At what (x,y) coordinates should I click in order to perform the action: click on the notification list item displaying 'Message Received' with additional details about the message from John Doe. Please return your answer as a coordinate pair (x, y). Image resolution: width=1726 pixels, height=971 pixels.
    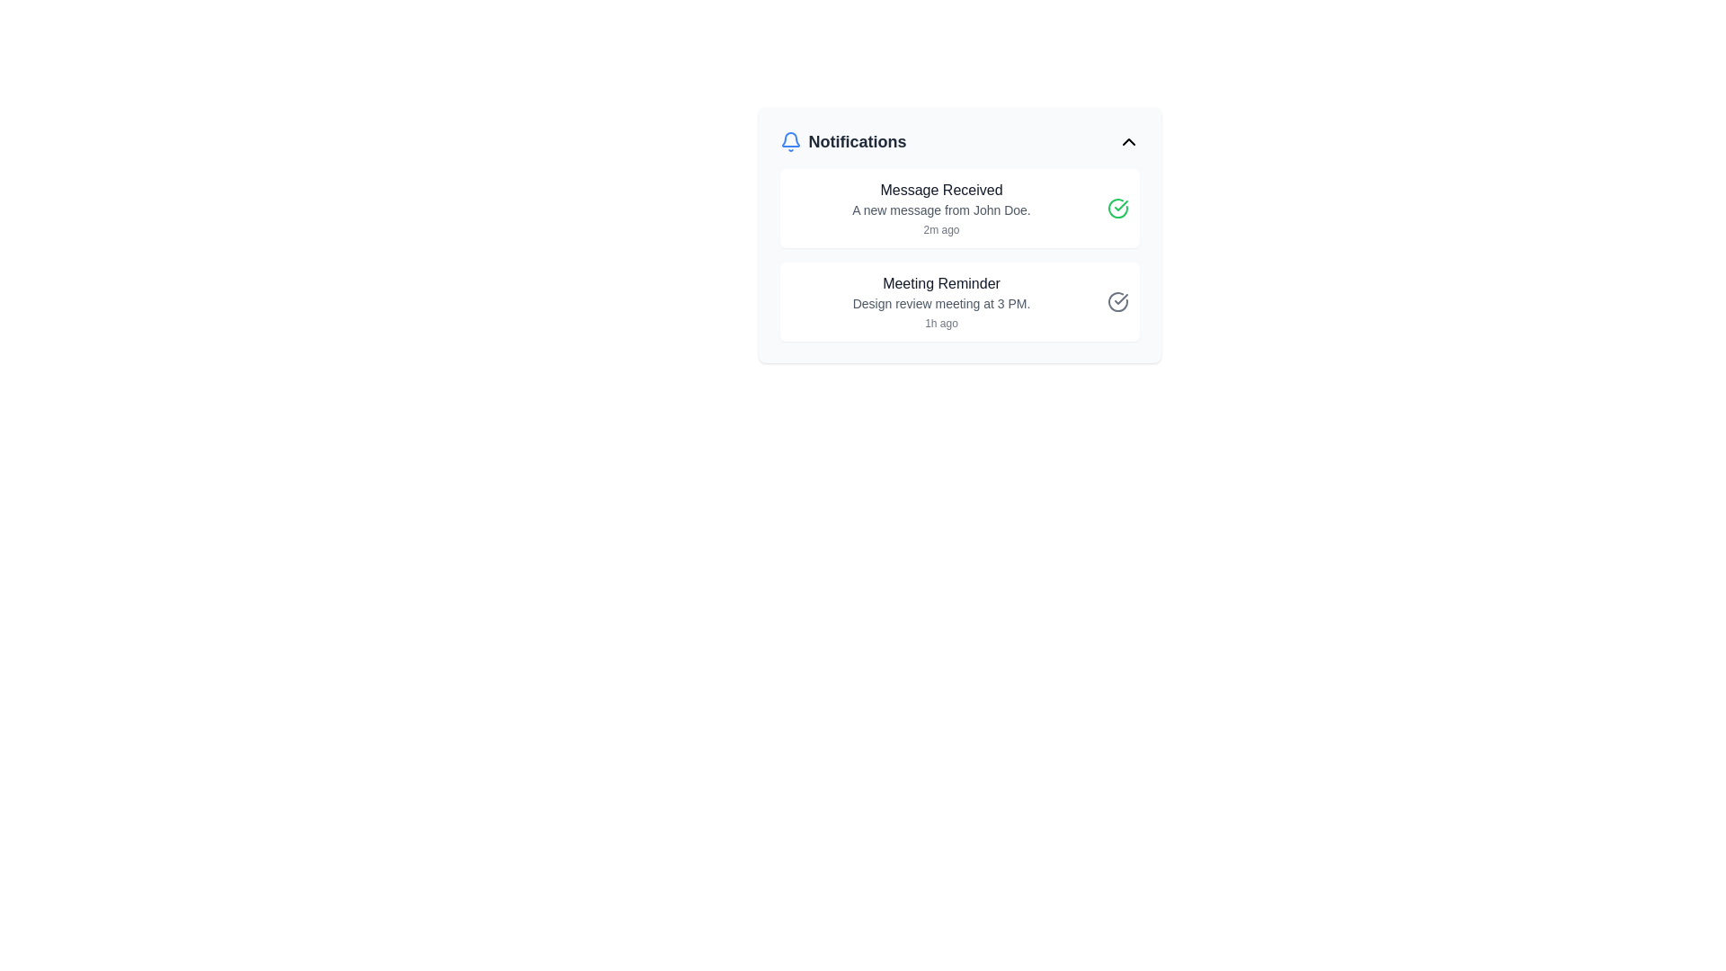
    Looking at the image, I should click on (940, 207).